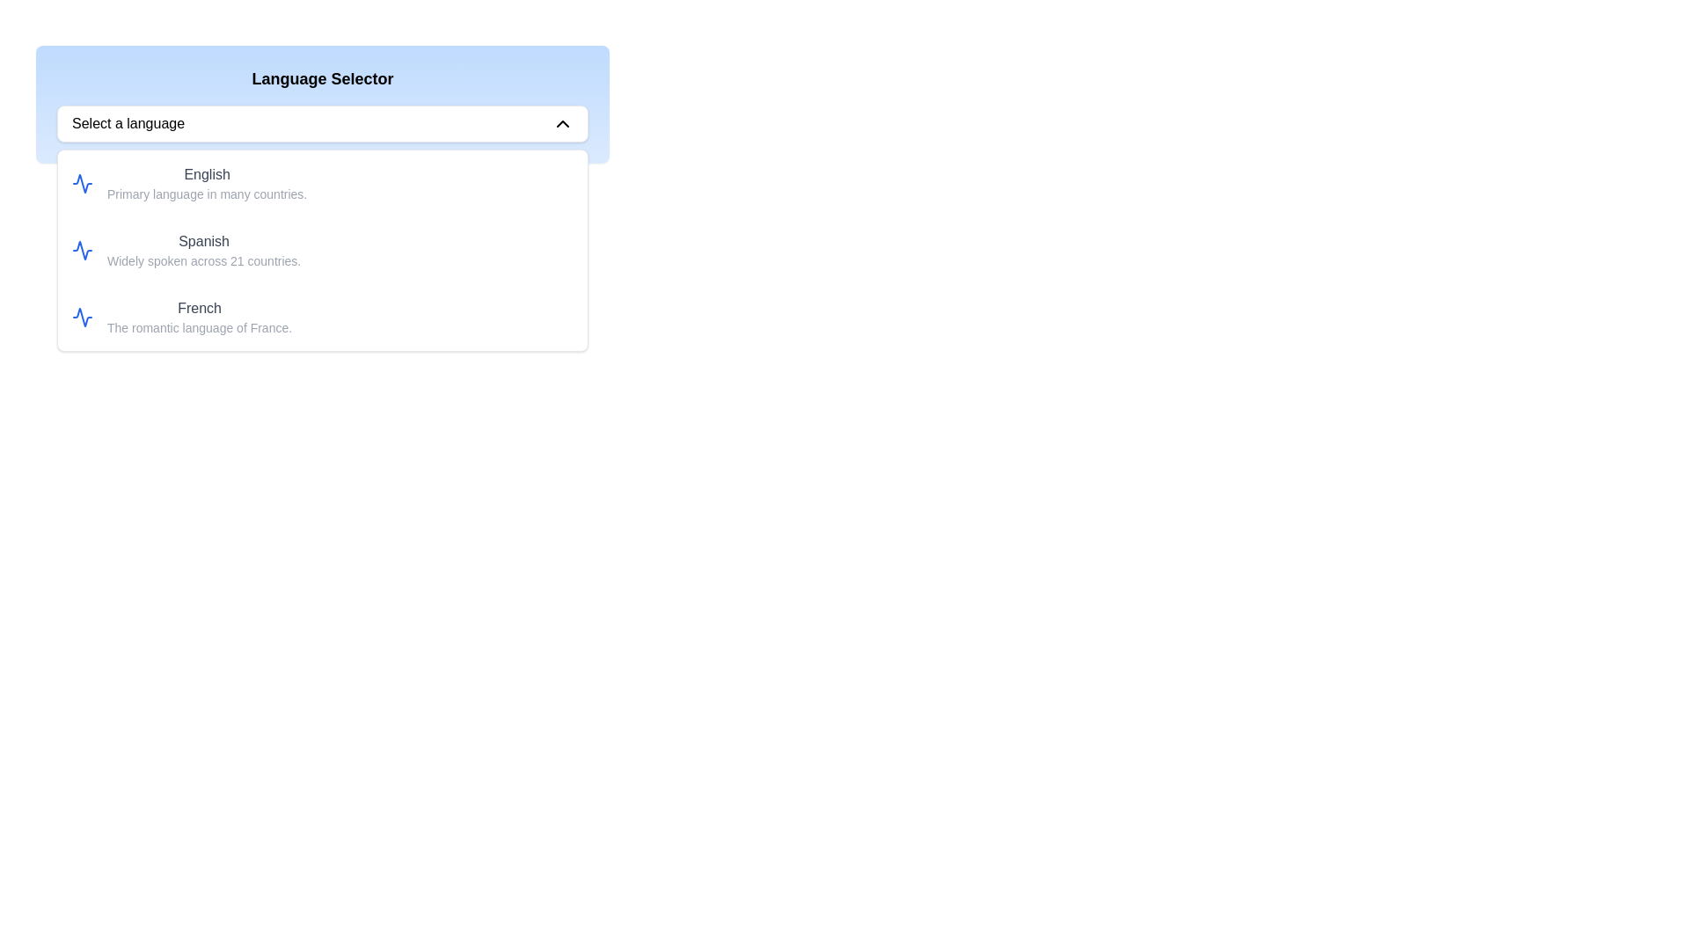  What do you see at coordinates (200, 318) in the screenshot?
I see `the list item labeled 'French'` at bounding box center [200, 318].